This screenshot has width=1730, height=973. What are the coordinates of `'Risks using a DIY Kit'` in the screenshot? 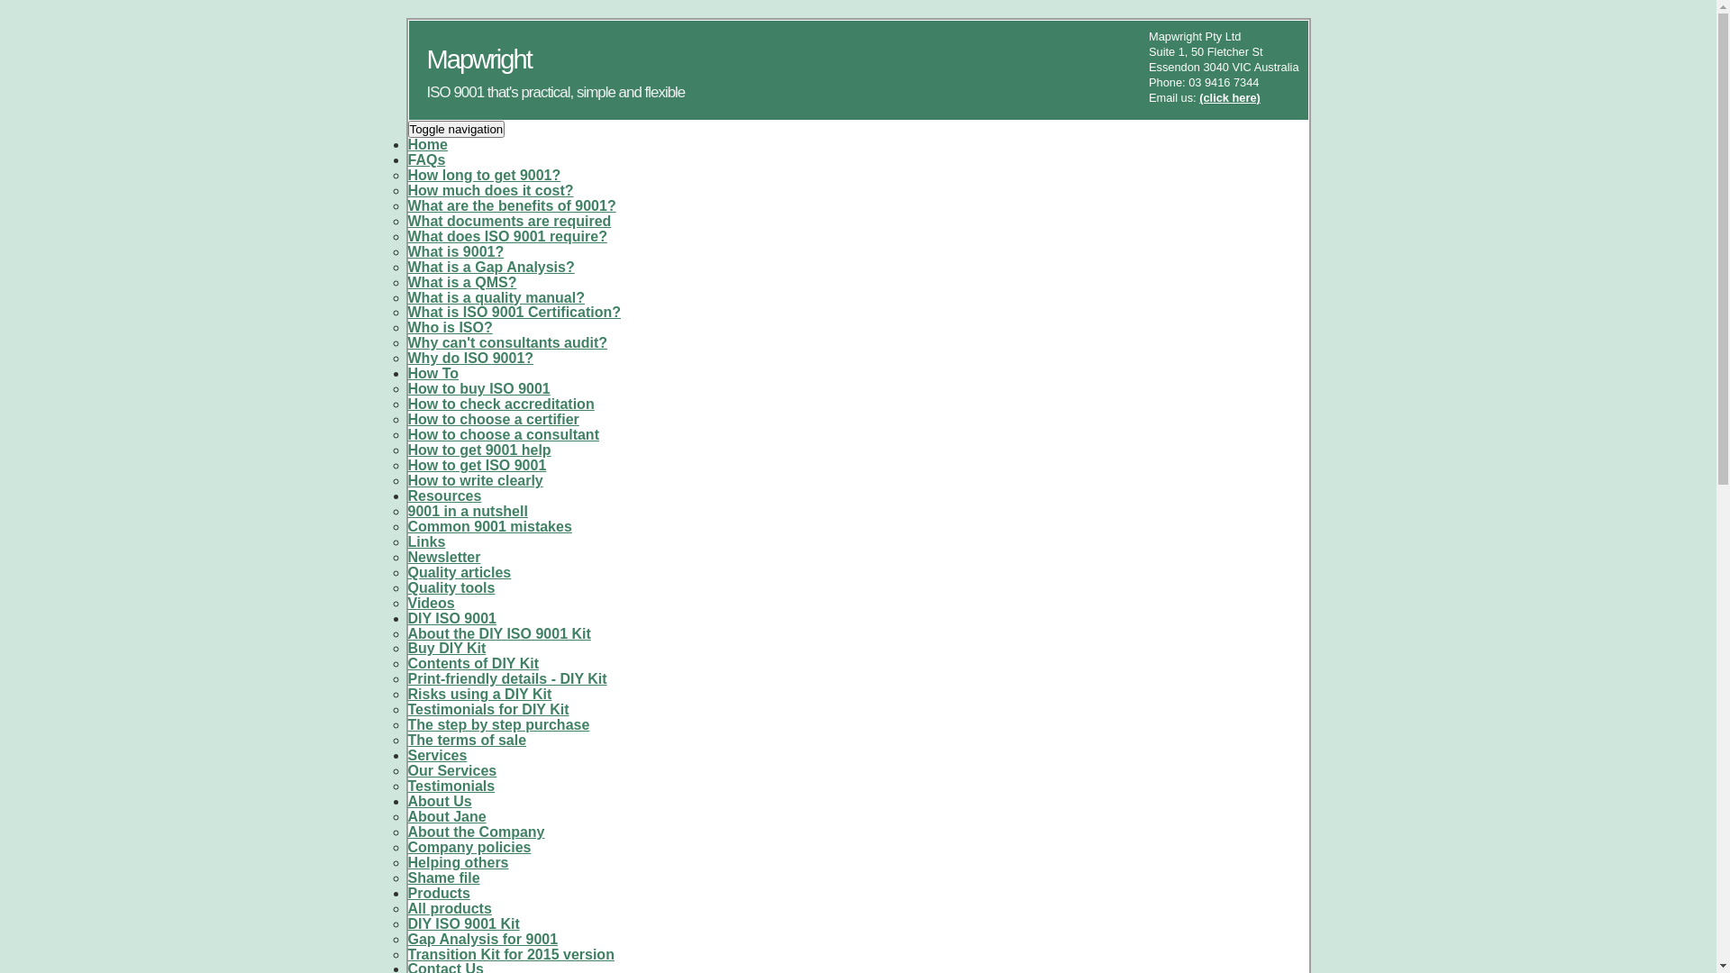 It's located at (405, 693).